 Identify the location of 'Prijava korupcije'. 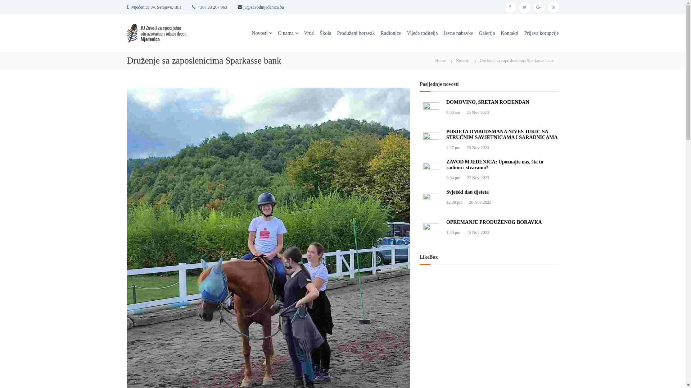
(524, 33).